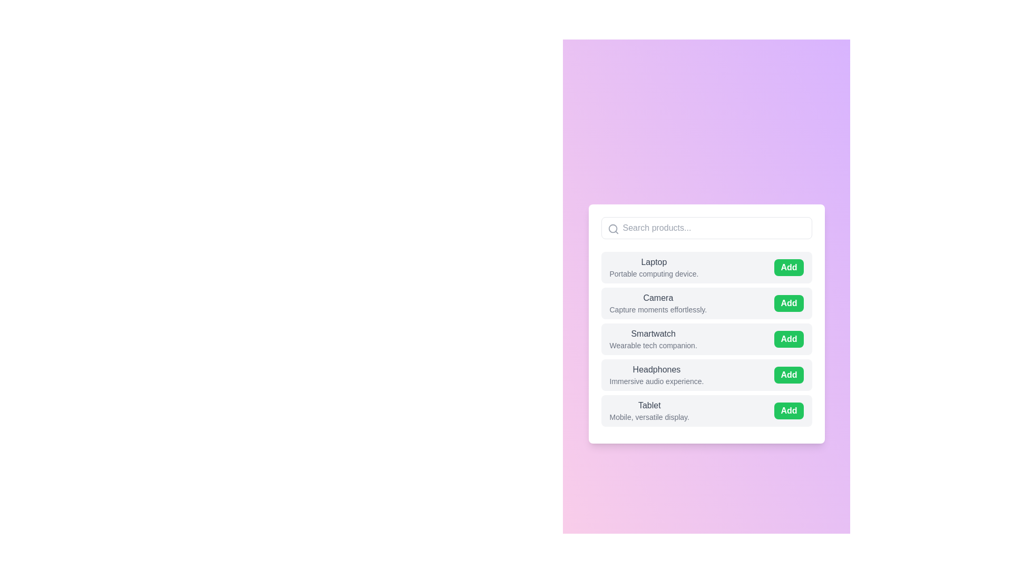 This screenshot has height=569, width=1012. Describe the element at coordinates (613, 229) in the screenshot. I see `the search icon, represented as a magnifying glass with a light gray color scheme, located at the top-left corner of the search bar` at that location.